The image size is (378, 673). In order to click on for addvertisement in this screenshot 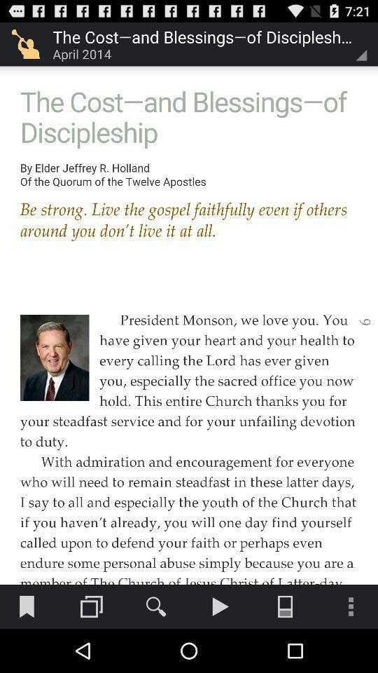, I will do `click(189, 292)`.